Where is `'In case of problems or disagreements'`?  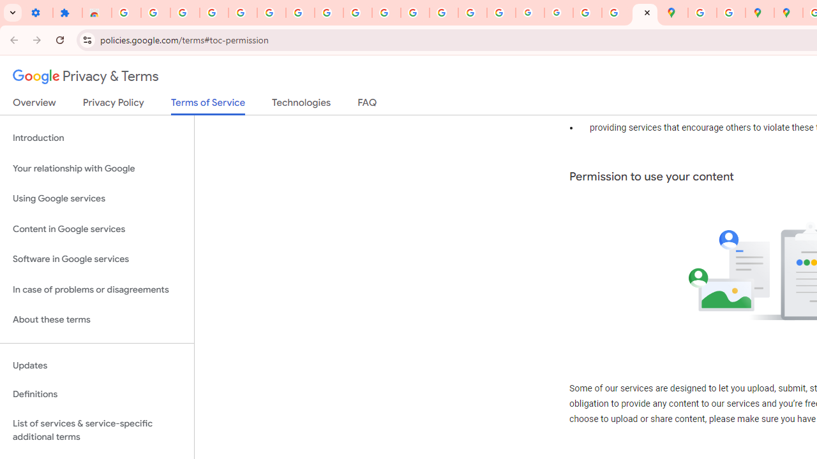 'In case of problems or disagreements' is located at coordinates (96, 289).